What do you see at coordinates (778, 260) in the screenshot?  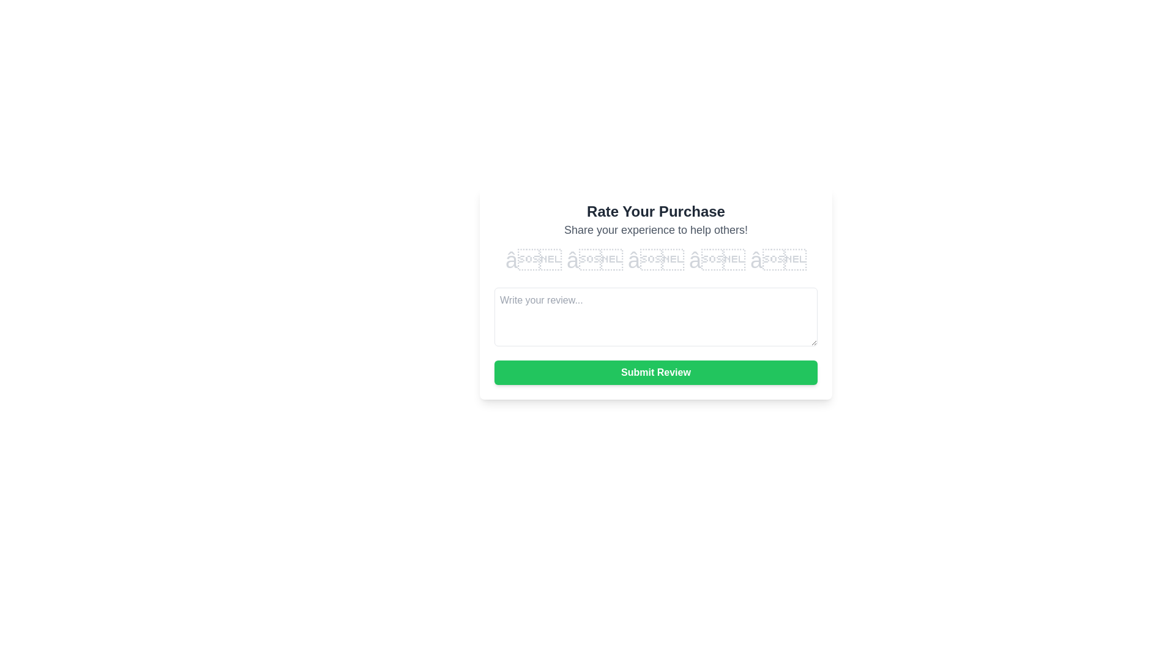 I see `the star corresponding to 5 to preview the rating` at bounding box center [778, 260].